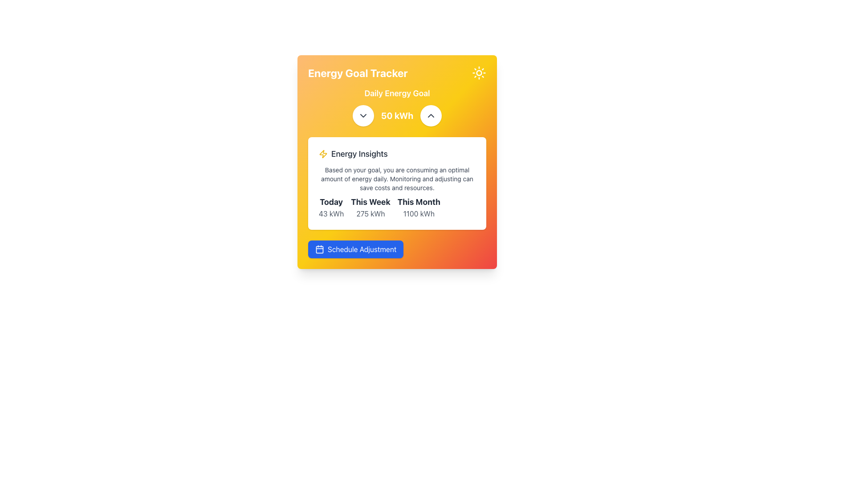 This screenshot has height=481, width=855. What do you see at coordinates (370, 213) in the screenshot?
I see `the text label displaying '275 kWh', which is located beneath the bolded label 'This Week' in the energy summary section` at bounding box center [370, 213].